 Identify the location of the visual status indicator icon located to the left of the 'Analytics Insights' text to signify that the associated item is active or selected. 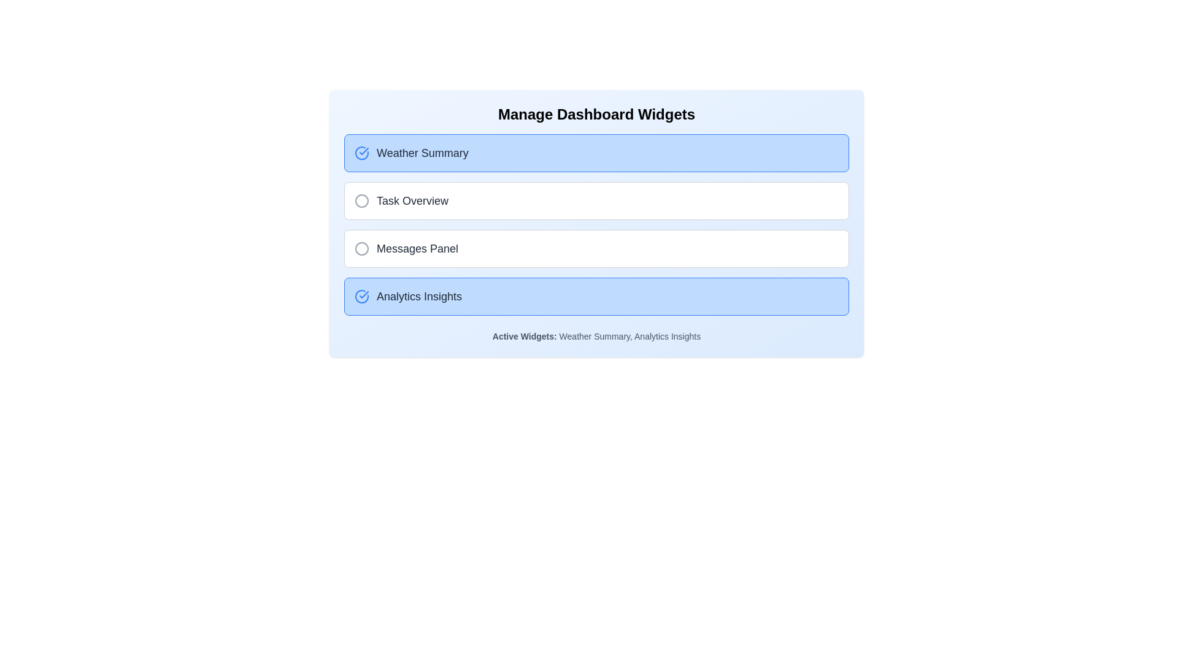
(361, 296).